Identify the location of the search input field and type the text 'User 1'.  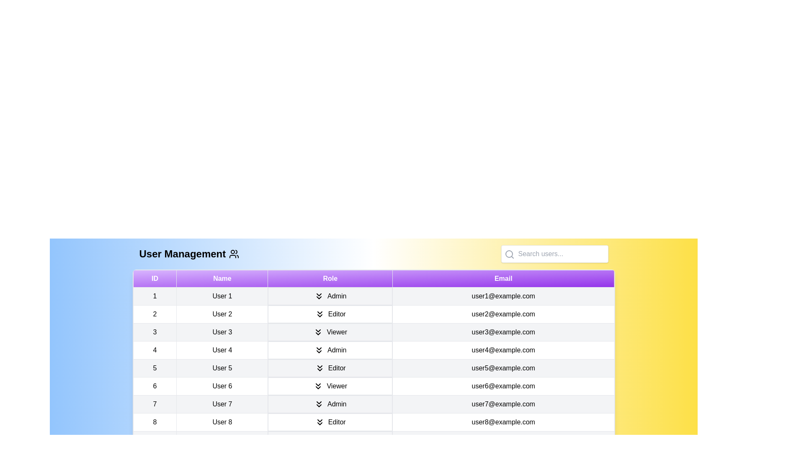
(554, 253).